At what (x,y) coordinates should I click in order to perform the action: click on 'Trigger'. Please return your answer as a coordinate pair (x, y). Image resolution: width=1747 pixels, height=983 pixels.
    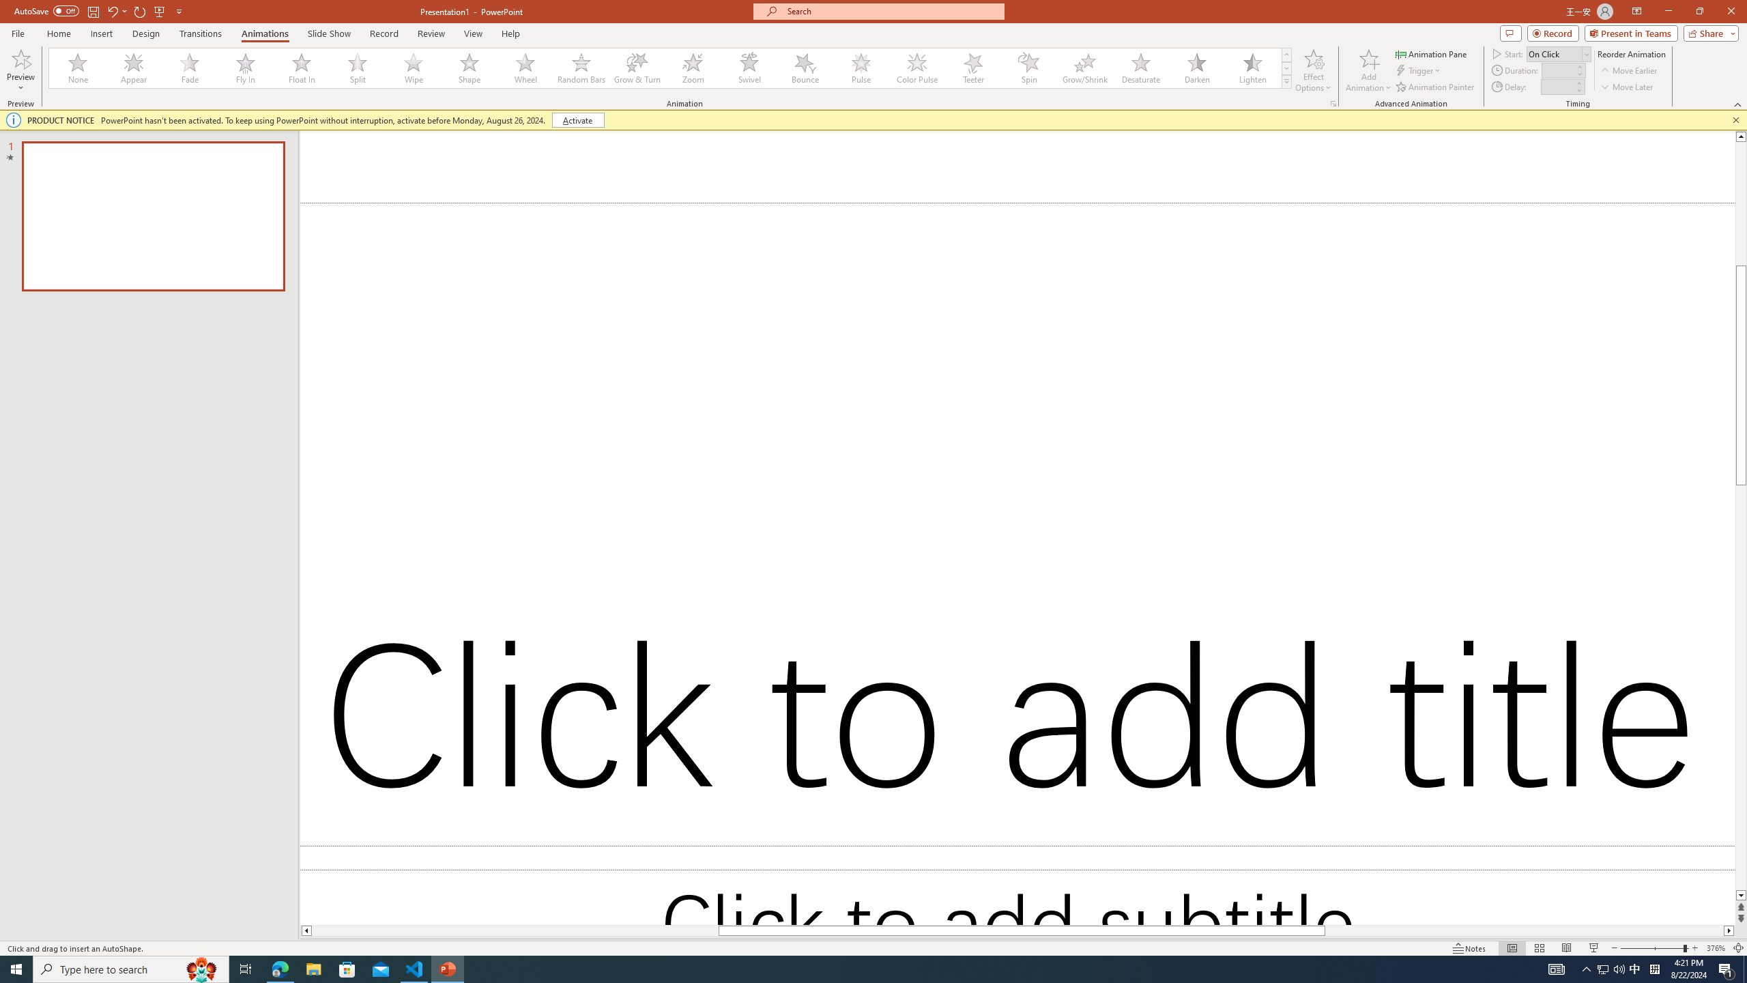
    Looking at the image, I should click on (1419, 70).